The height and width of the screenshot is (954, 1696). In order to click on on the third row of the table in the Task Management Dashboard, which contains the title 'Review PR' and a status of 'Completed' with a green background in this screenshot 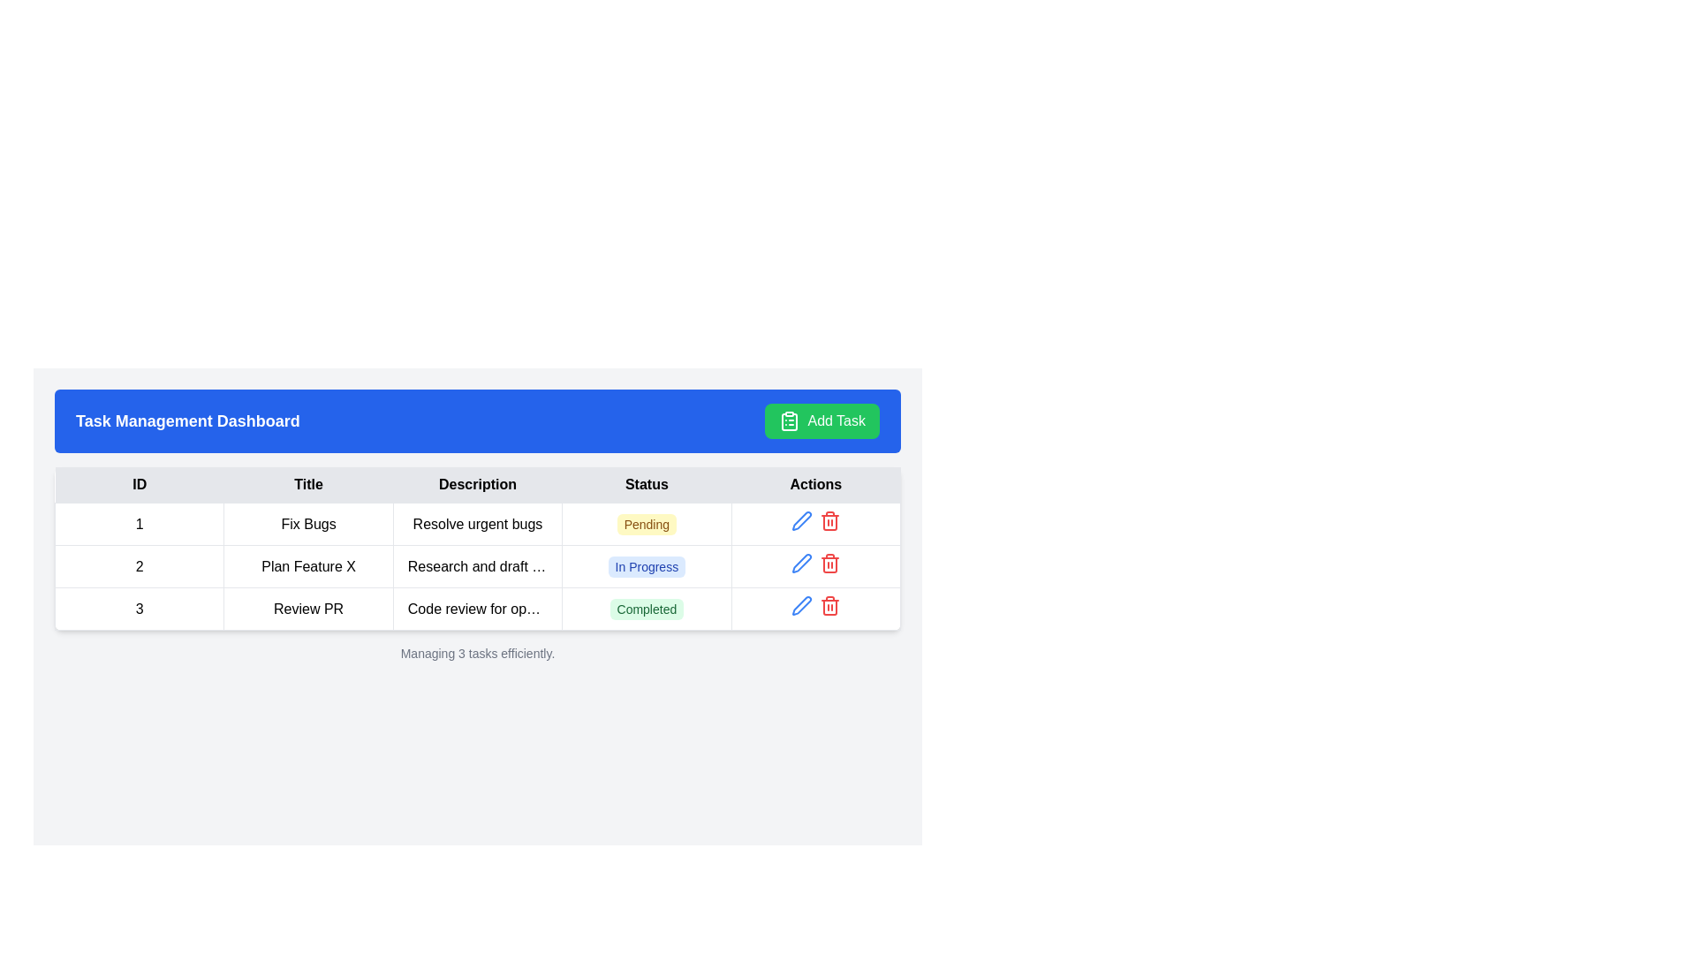, I will do `click(478, 608)`.